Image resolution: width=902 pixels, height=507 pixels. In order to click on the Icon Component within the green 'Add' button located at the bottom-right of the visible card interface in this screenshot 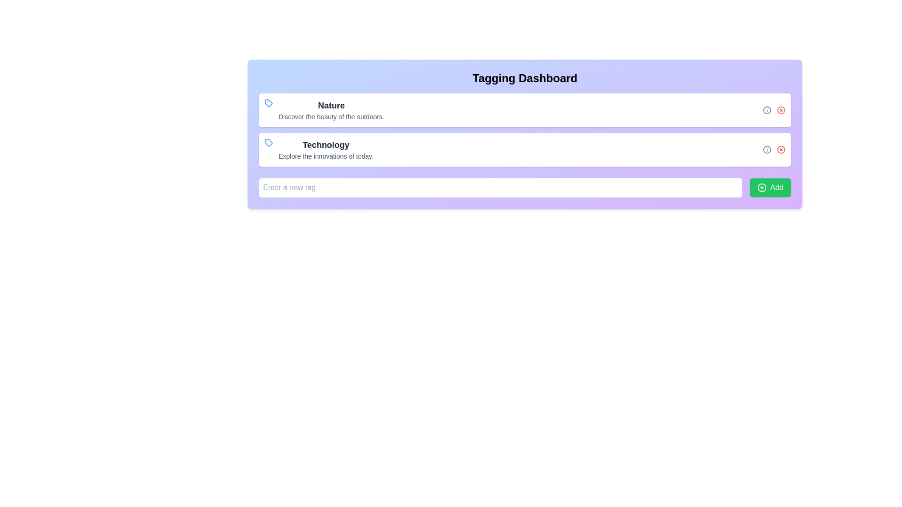, I will do `click(762, 188)`.